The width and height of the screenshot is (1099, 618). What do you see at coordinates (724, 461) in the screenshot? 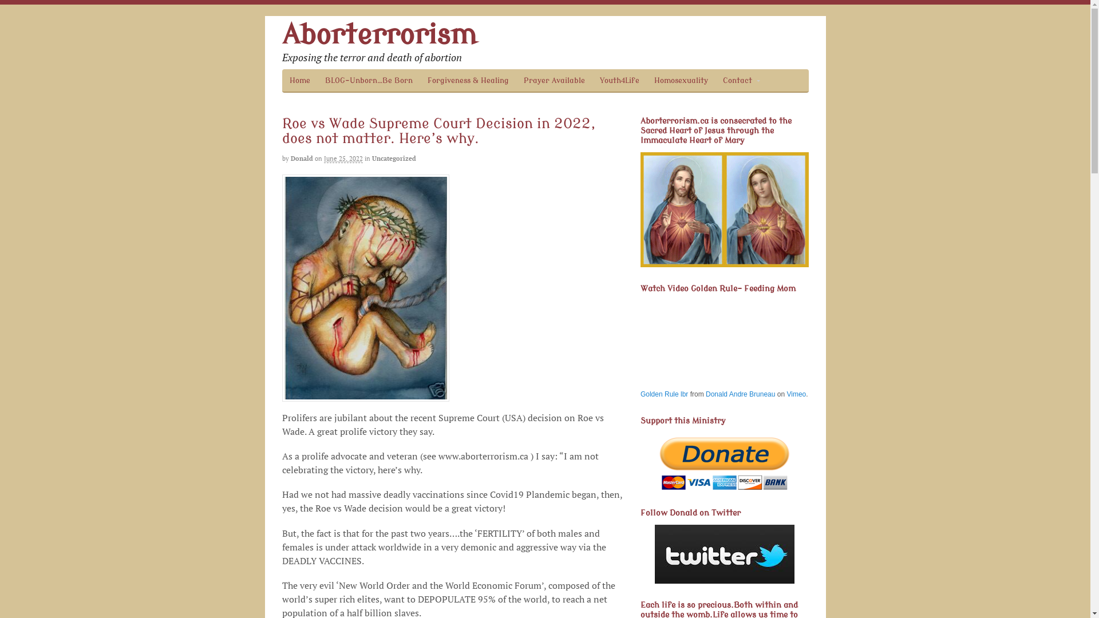
I see `'Support this Ministry'` at bounding box center [724, 461].